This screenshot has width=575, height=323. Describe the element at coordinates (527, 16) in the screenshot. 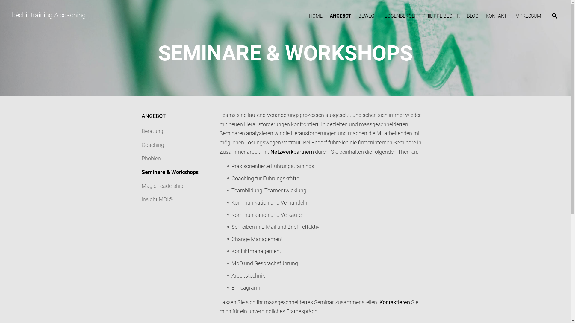

I see `'IMPRESSUM'` at that location.